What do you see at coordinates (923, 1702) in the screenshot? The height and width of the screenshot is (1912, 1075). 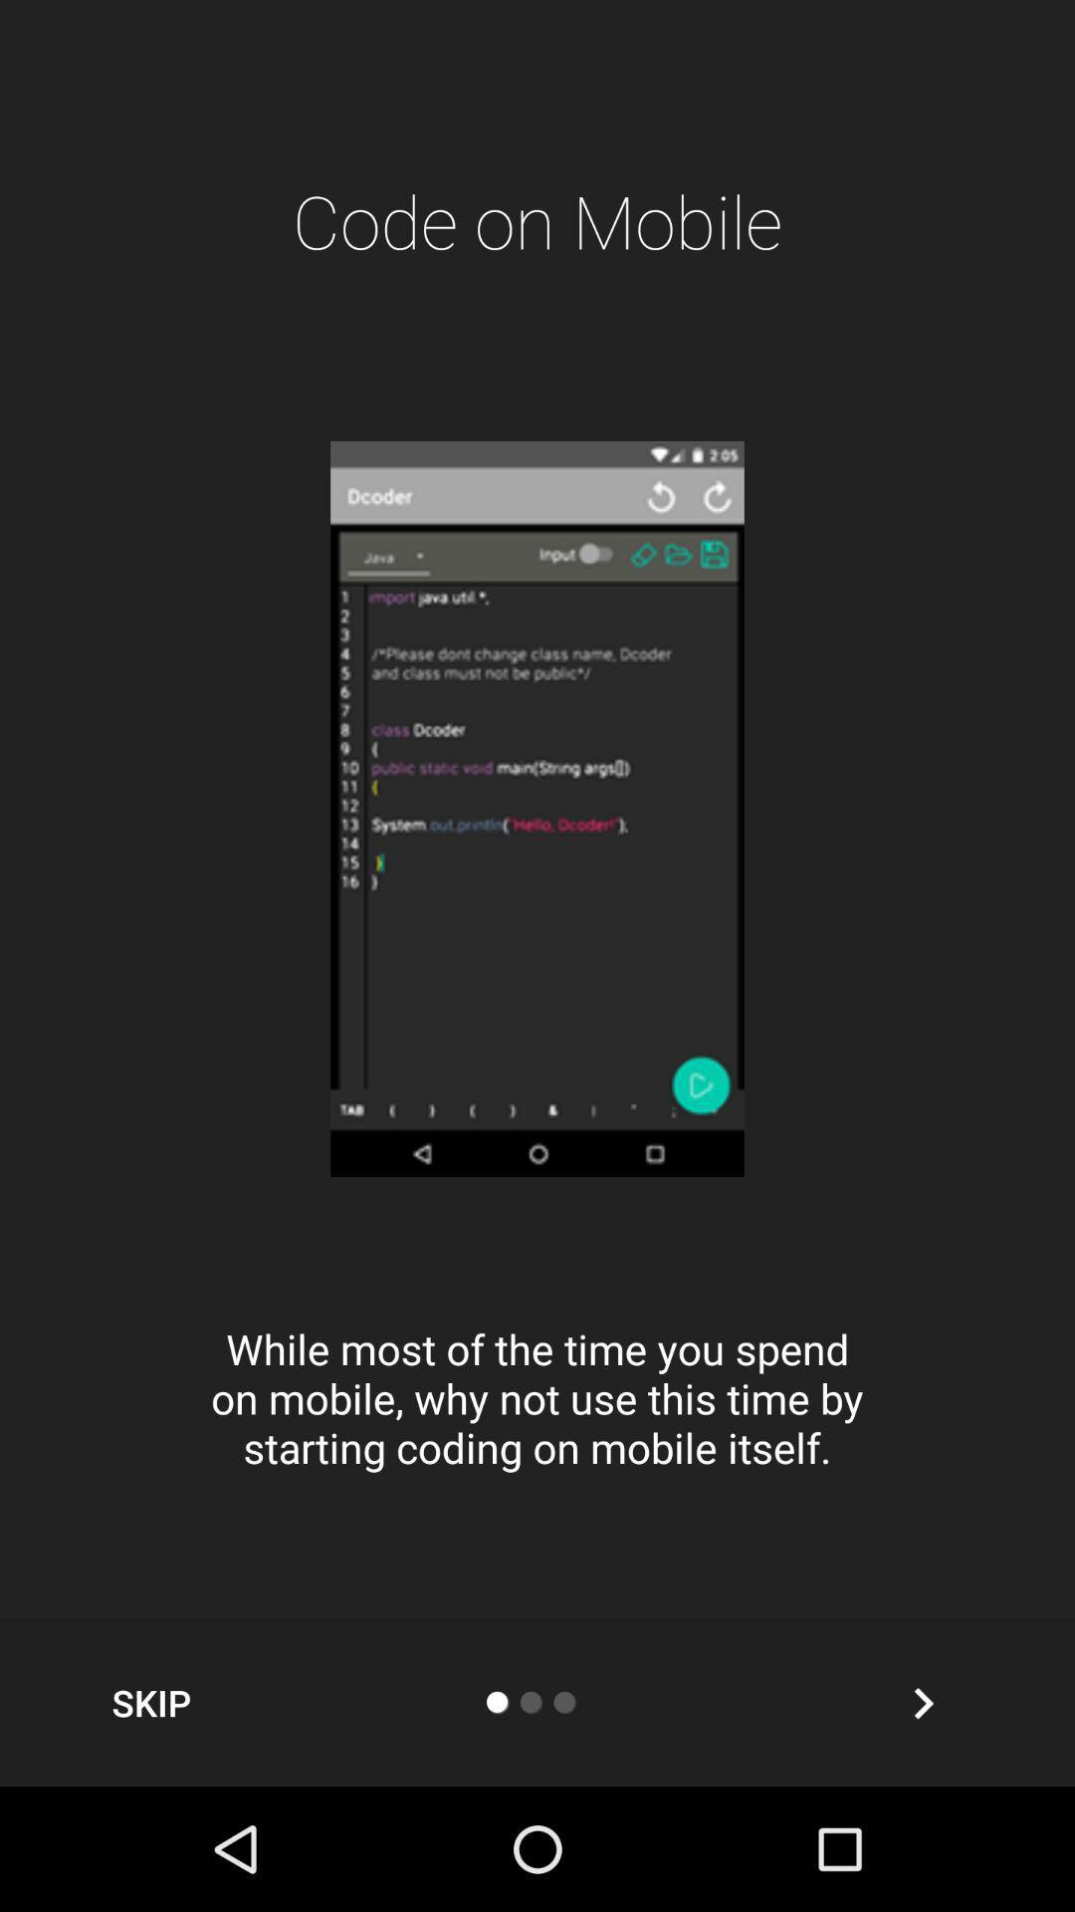 I see `icon at the bottom right corner` at bounding box center [923, 1702].